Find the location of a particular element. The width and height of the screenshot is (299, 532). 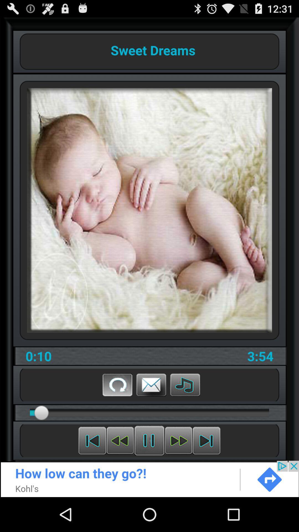

the skip_next icon is located at coordinates (206, 471).